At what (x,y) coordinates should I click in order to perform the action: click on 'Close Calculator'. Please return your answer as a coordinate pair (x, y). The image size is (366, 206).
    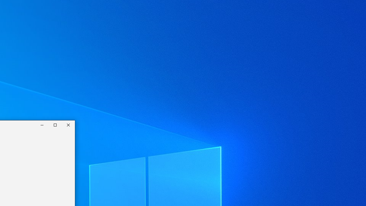
    Looking at the image, I should click on (68, 125).